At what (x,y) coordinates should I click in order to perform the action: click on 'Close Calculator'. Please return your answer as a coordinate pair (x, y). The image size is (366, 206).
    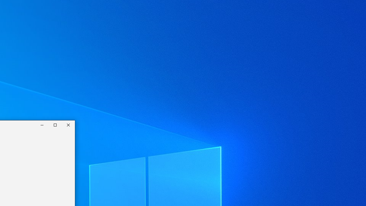
    Looking at the image, I should click on (68, 125).